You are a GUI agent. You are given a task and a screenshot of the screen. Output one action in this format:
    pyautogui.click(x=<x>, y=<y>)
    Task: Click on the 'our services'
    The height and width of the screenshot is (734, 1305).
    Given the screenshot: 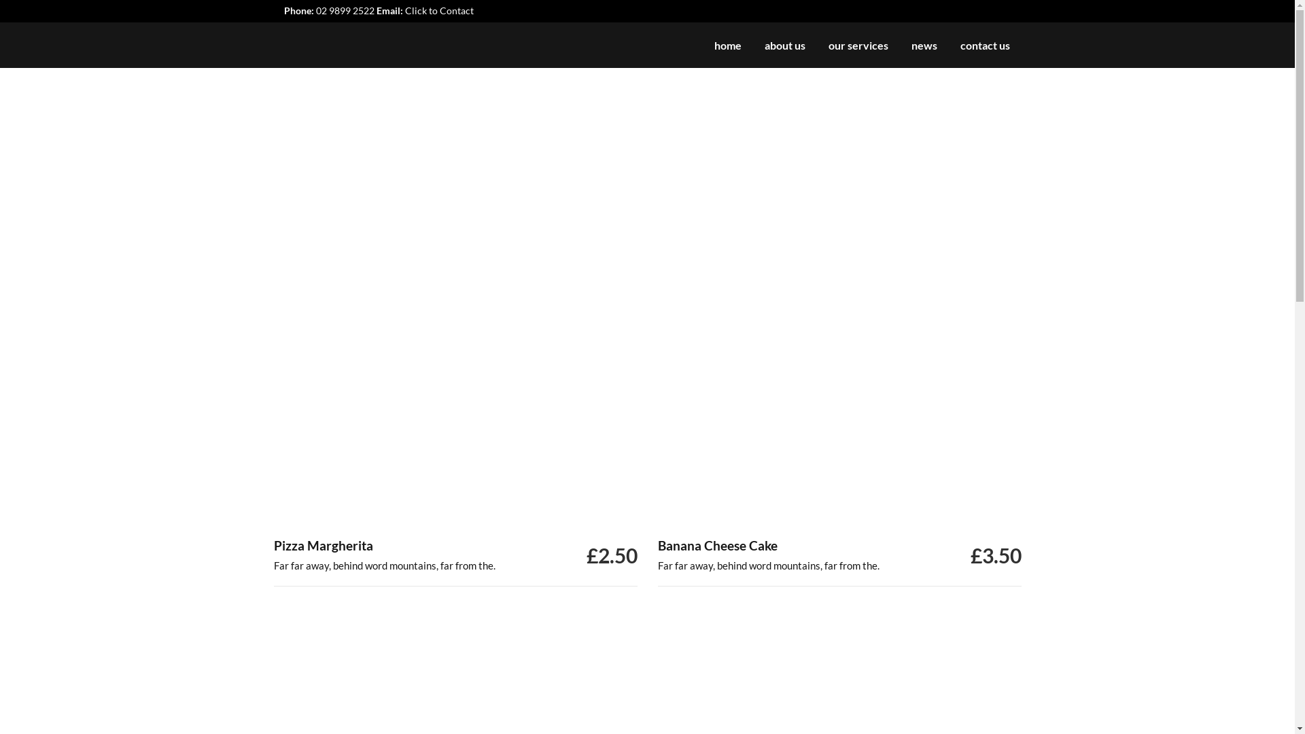 What is the action you would take?
    pyautogui.click(x=816, y=44)
    